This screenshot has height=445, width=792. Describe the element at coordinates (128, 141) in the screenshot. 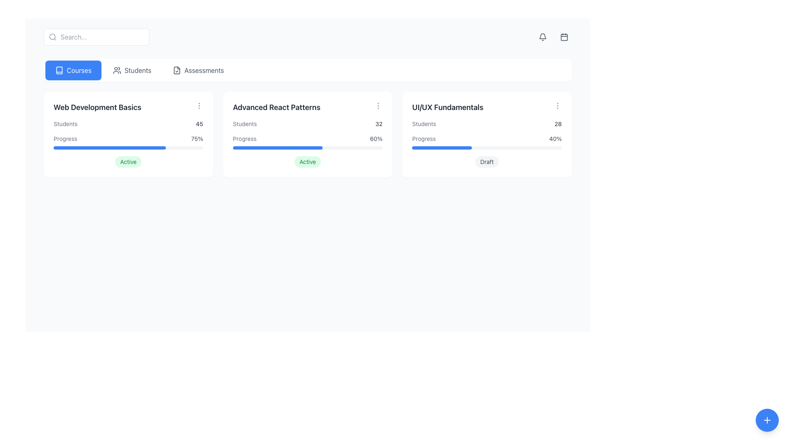

I see `the horizontal progress bar labeled 'Progress' with '75%' on the right, located within the 'Web Development Basics' card` at that location.